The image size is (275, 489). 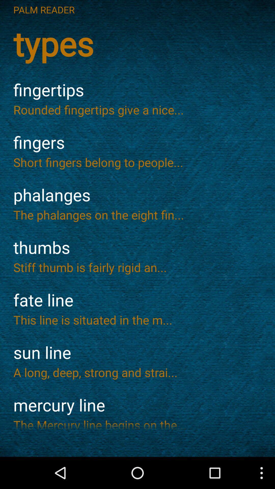 What do you see at coordinates (137, 319) in the screenshot?
I see `the icon below the fate line` at bounding box center [137, 319].